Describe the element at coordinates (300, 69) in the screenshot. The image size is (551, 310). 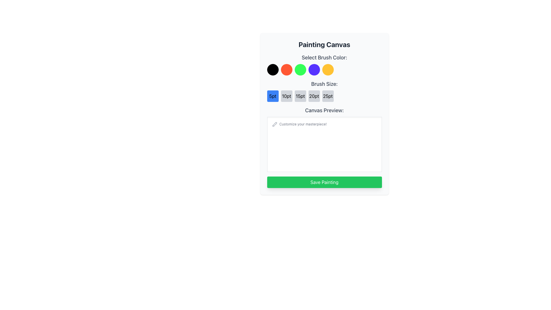
I see `the third button in the color selection sequence` at that location.